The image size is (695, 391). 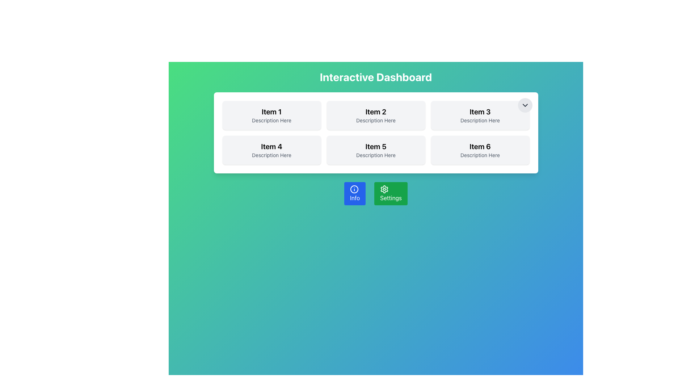 I want to click on the Static display card featuring 'Item 6' and 'Description Here' text, which is the sixth card in a three-column grid layout, so click(x=480, y=150).